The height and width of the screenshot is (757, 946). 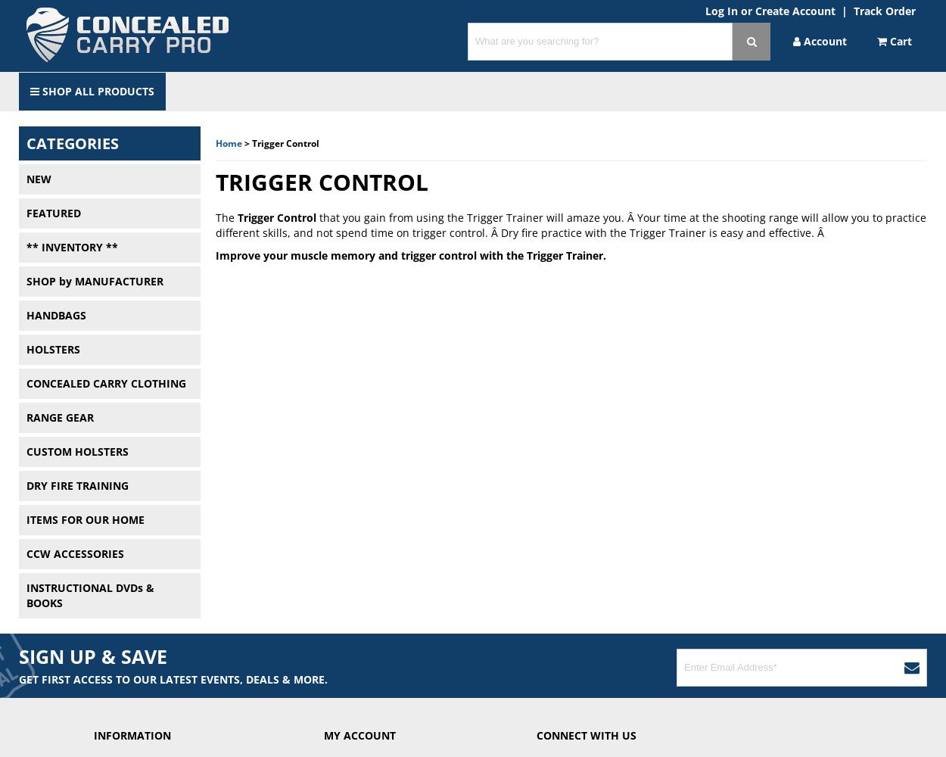 What do you see at coordinates (571, 225) in the screenshot?
I see `'that you gain from using the Trigger Trainer will amaze you. Â Your time at the shooting range will allow you to practice different skills, and not spend time on trigger control. Â Dry fire practice with the Trigger Trainer is easy and effective. Â'` at bounding box center [571, 225].